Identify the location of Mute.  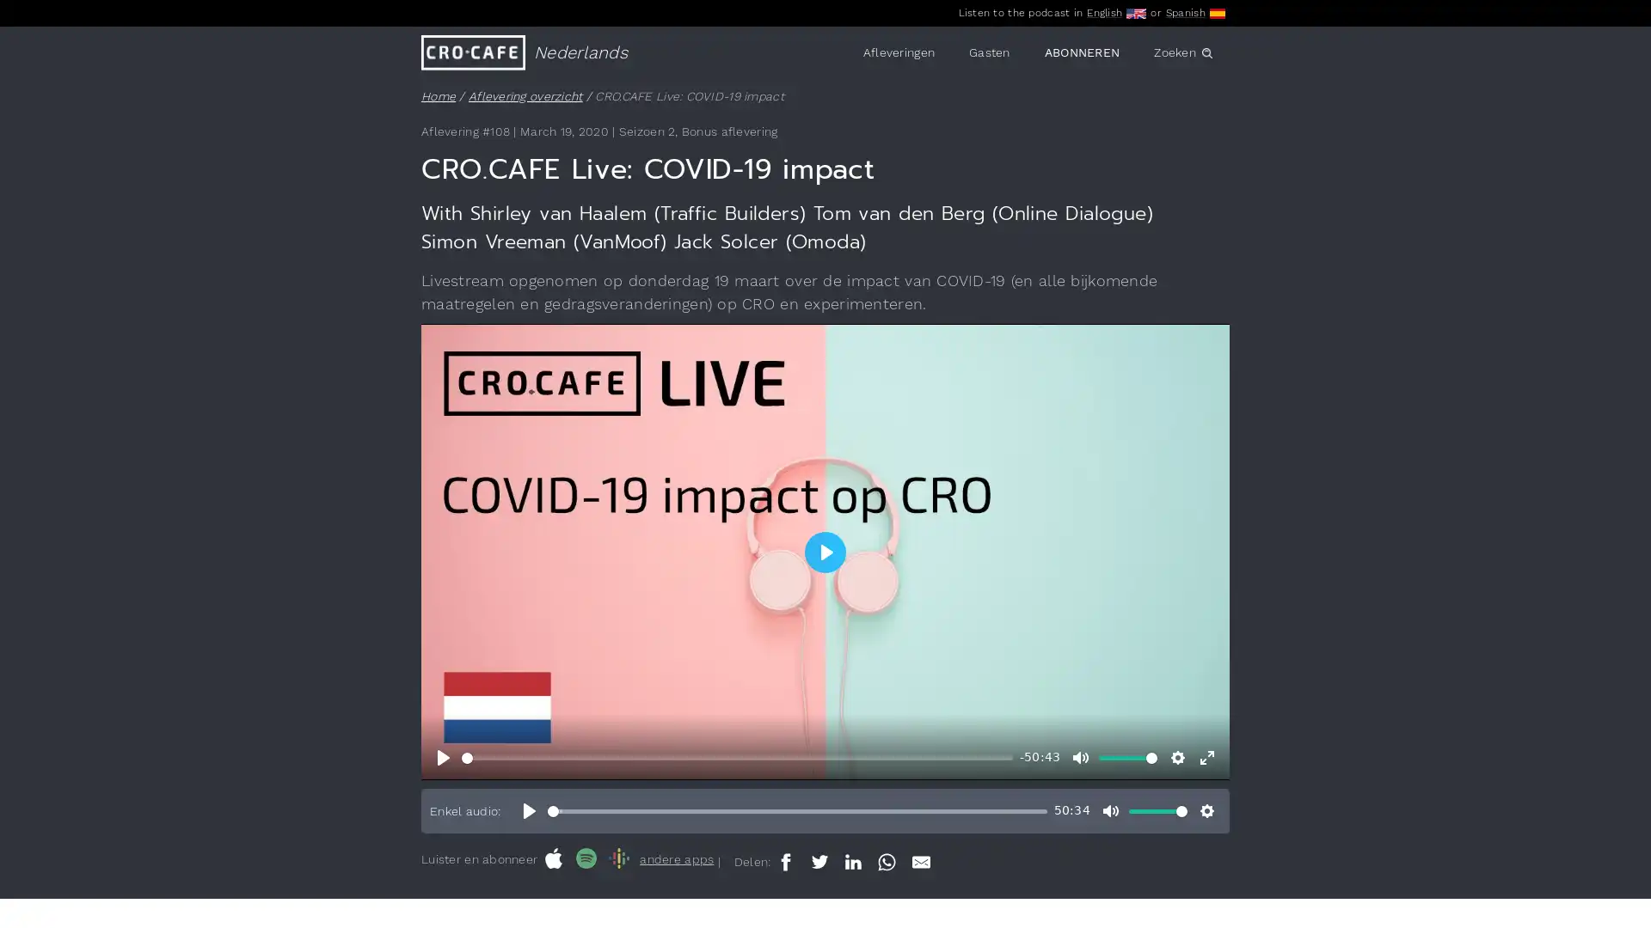
(1110, 811).